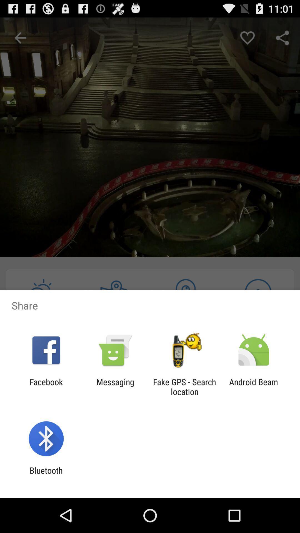 The height and width of the screenshot is (533, 300). Describe the element at coordinates (184, 386) in the screenshot. I see `the app next to the messaging` at that location.